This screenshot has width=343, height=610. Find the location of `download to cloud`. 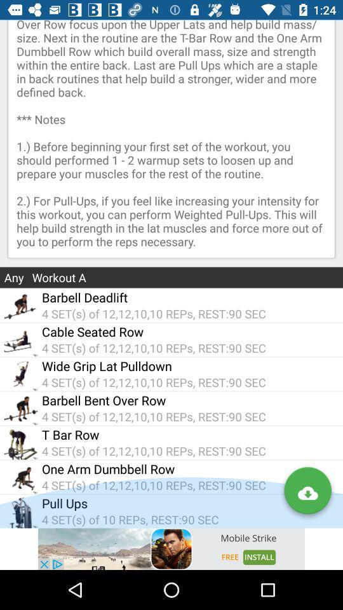

download to cloud is located at coordinates (307, 492).